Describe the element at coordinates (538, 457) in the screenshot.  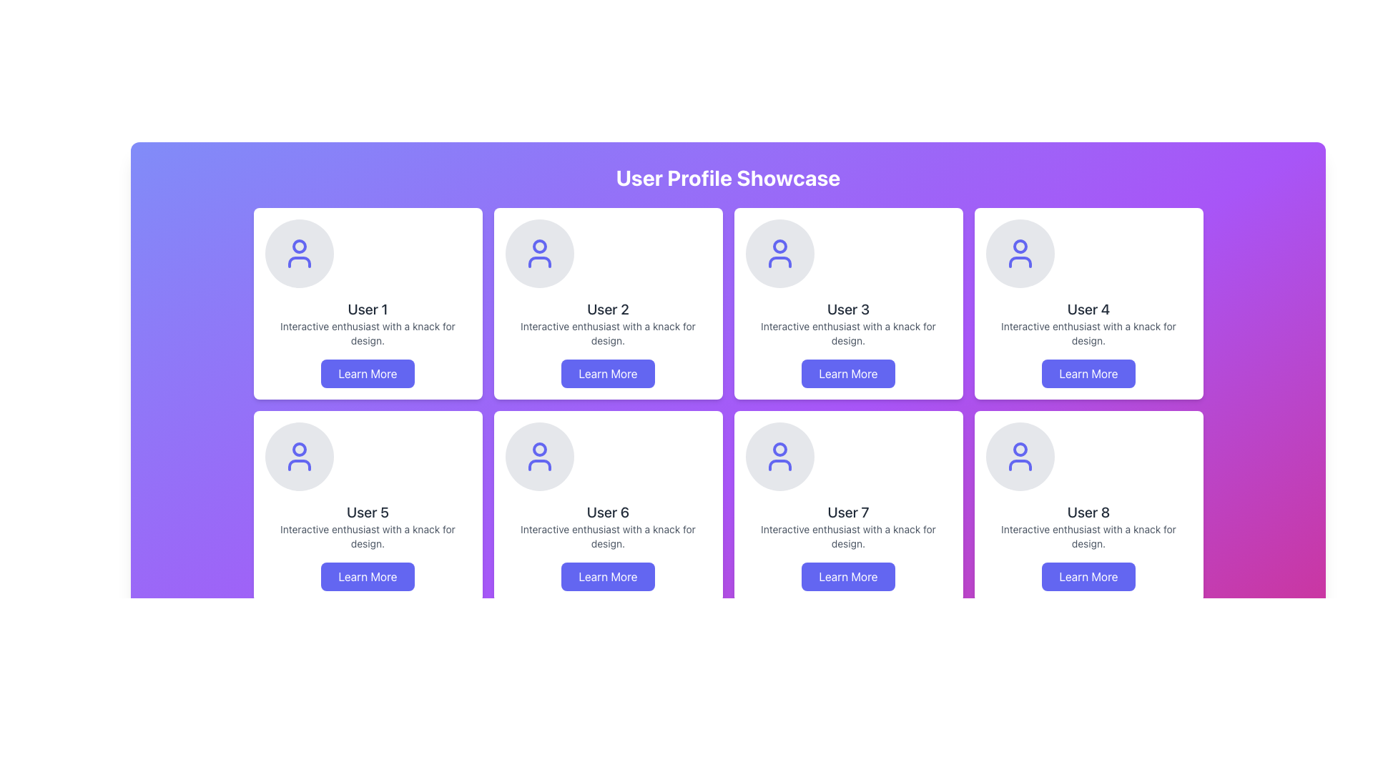
I see `the decorative icon within the circular area at the top section of the 'User 6' card, which serves as a visual representation for the user profile` at that location.